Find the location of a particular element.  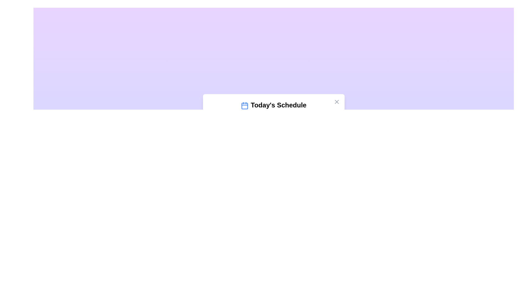

the close icon button located at the top-right corner of the 'Today's Schedule' card is located at coordinates (336, 102).